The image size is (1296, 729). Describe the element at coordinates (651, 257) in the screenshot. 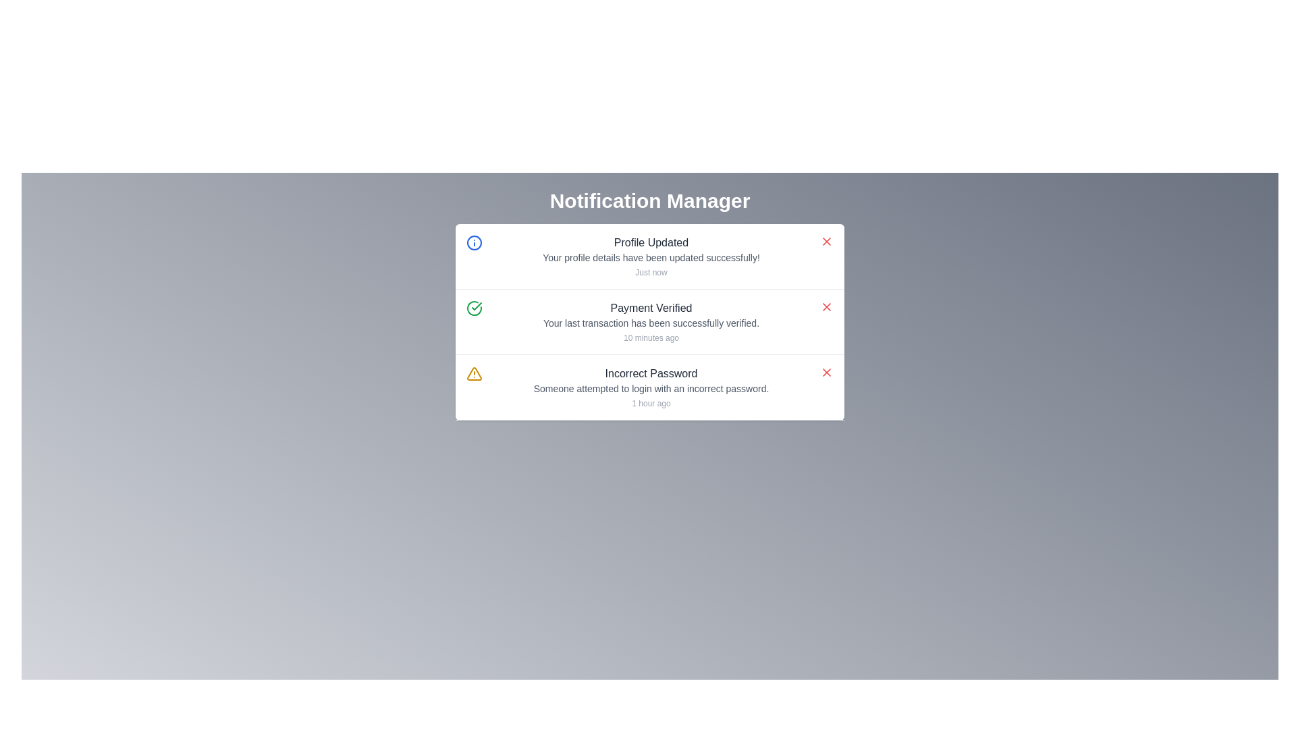

I see `the text element that indicates the successful update of the user's profile, located centrally below the 'Profile Updated' header and above the timestamp 'Just now' in the notification manager interface` at that location.